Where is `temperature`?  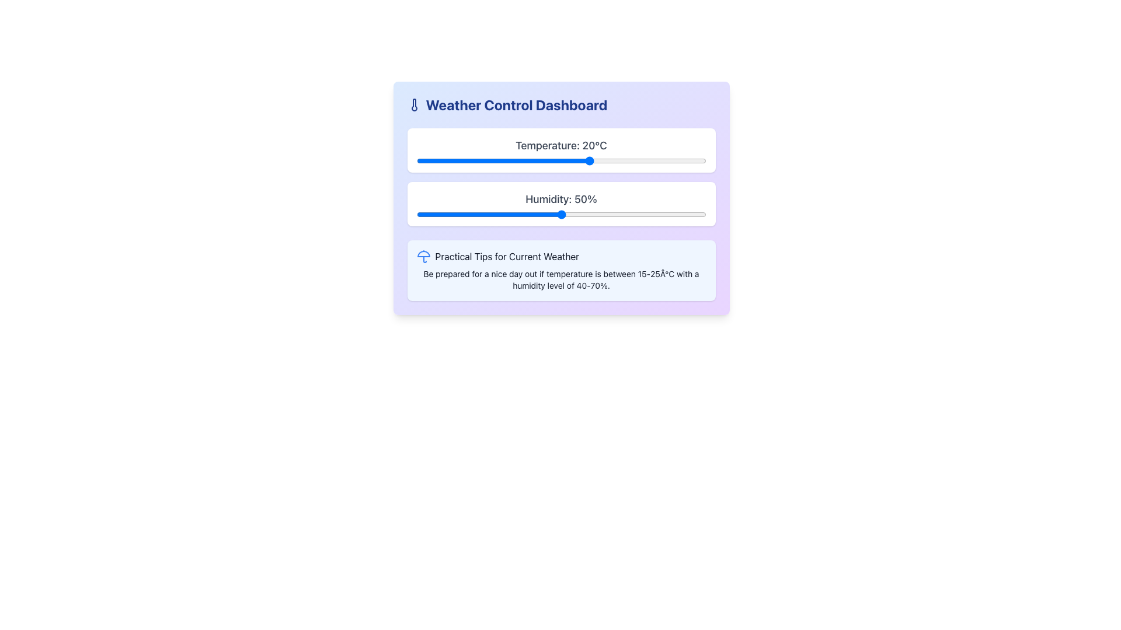
temperature is located at coordinates (694, 161).